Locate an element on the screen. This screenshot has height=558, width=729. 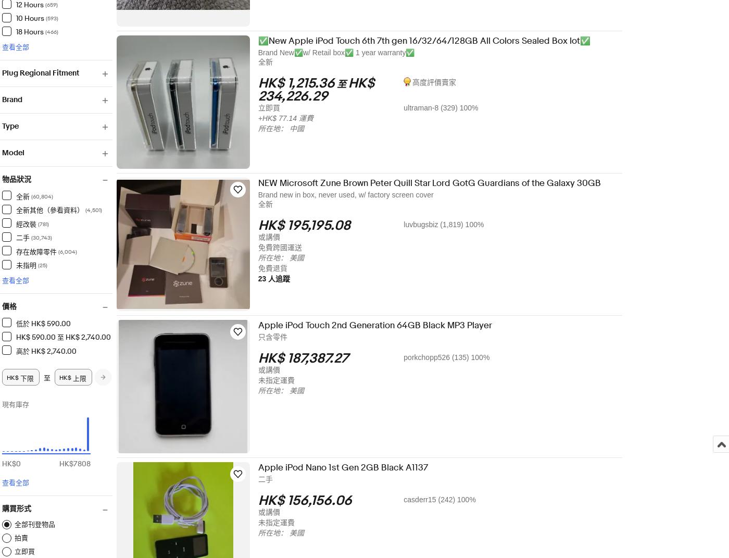
'(466)' is located at coordinates (57, 31).